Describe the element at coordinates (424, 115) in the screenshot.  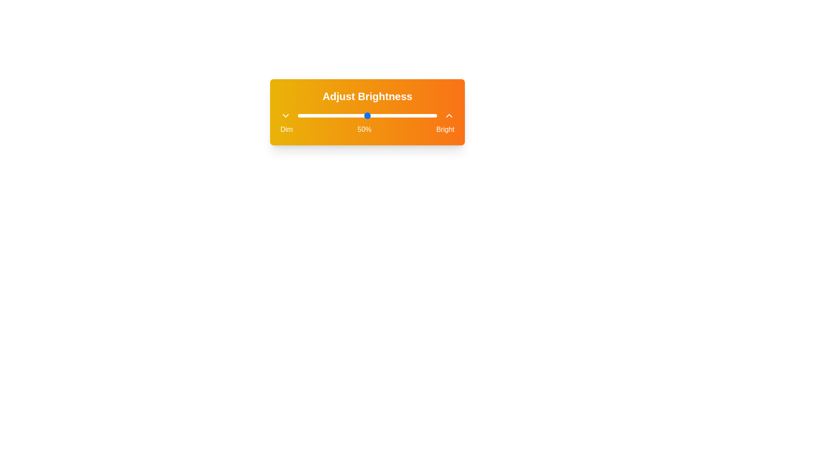
I see `brightness` at that location.